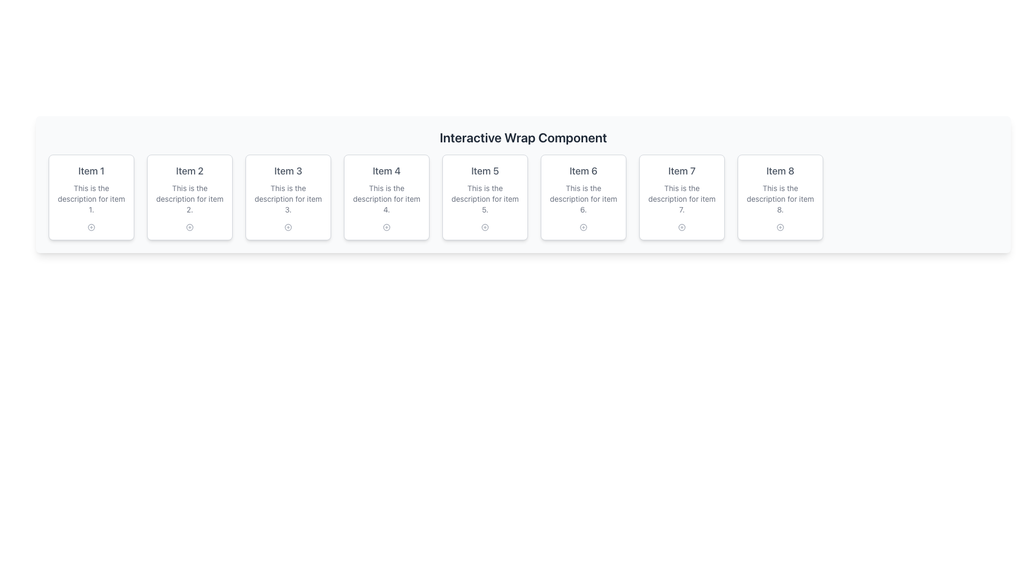 The height and width of the screenshot is (578, 1027). Describe the element at coordinates (288, 199) in the screenshot. I see `descriptive text block located below the title text of the card titled 'Item 3', which is the third card in a series of eight horizontally aligned cards` at that location.